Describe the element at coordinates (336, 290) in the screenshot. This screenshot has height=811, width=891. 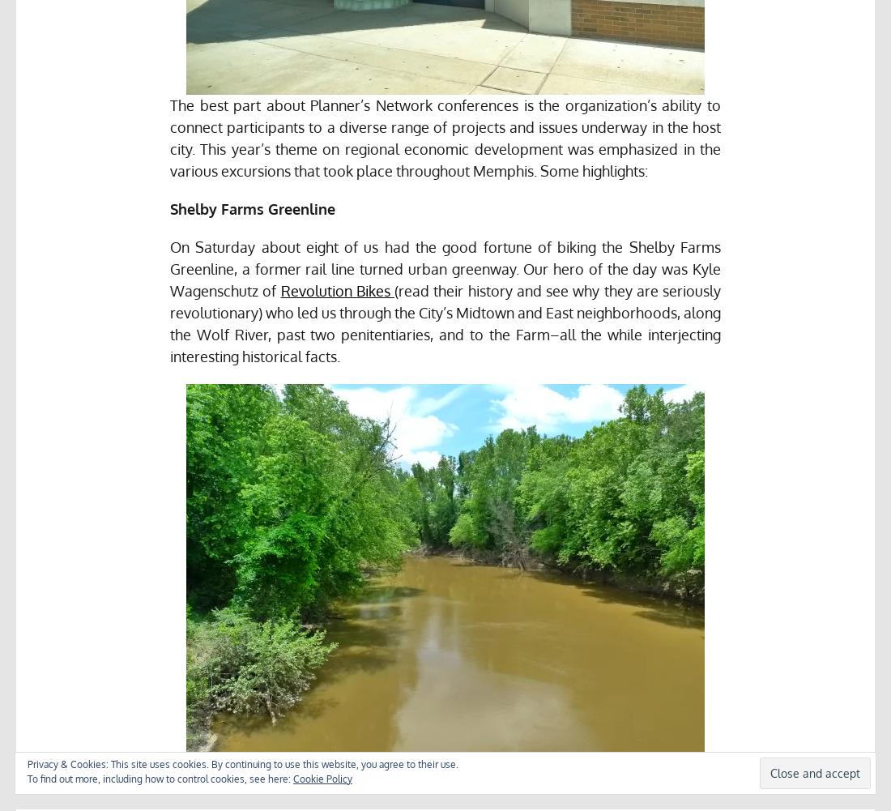
I see `'Revolution Bikes'` at that location.